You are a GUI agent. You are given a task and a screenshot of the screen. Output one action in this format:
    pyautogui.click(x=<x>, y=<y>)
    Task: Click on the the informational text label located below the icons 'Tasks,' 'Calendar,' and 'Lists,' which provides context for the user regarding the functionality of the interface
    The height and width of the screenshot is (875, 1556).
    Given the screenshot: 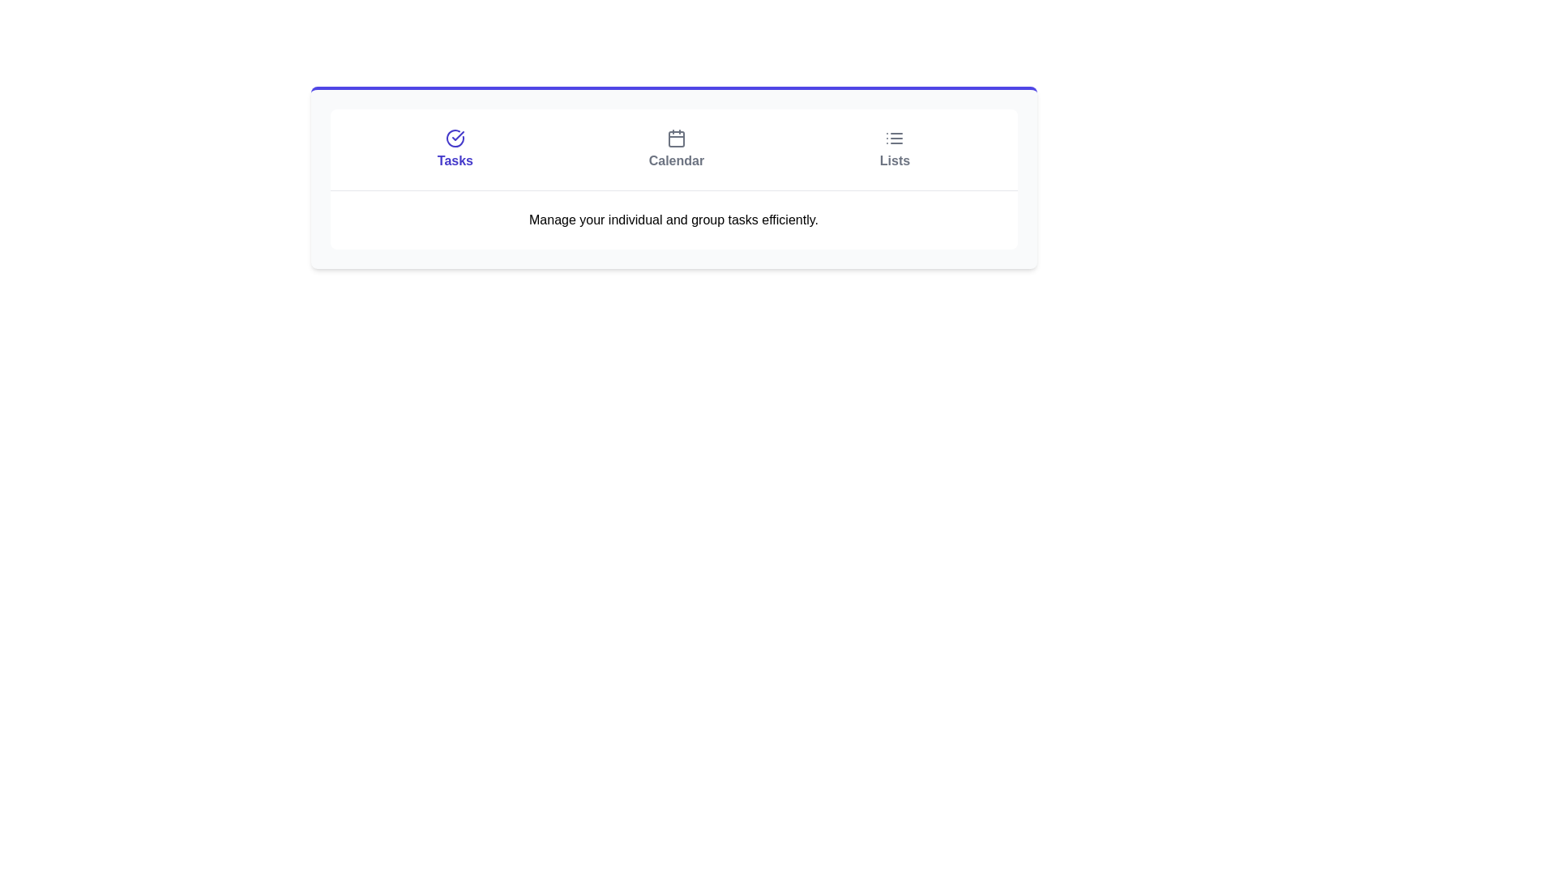 What is the action you would take?
    pyautogui.click(x=673, y=220)
    